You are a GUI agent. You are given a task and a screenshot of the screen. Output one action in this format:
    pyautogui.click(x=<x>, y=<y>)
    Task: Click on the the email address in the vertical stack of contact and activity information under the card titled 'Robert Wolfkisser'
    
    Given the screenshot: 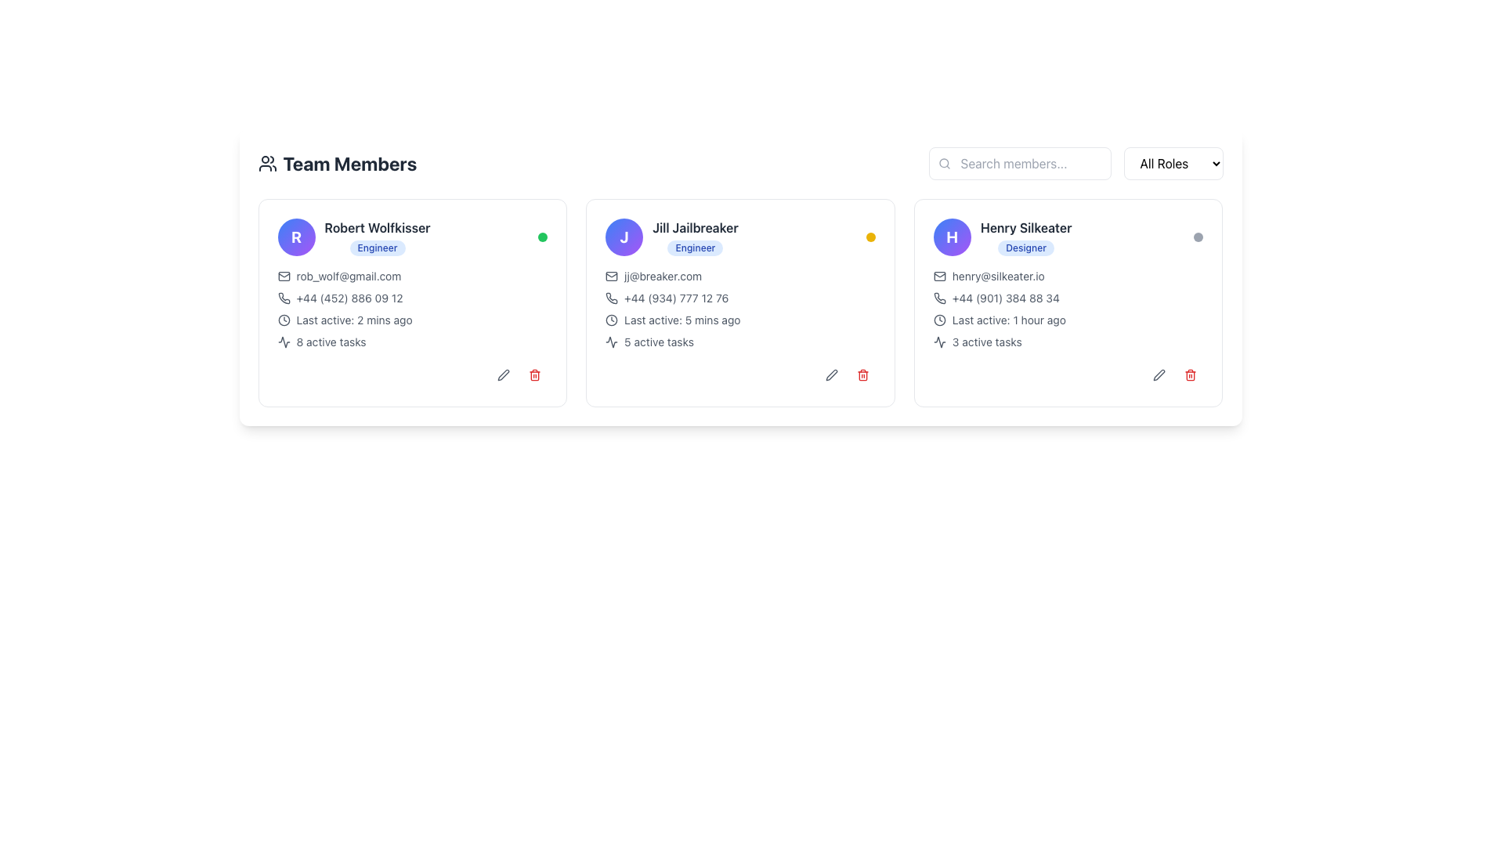 What is the action you would take?
    pyautogui.click(x=412, y=309)
    